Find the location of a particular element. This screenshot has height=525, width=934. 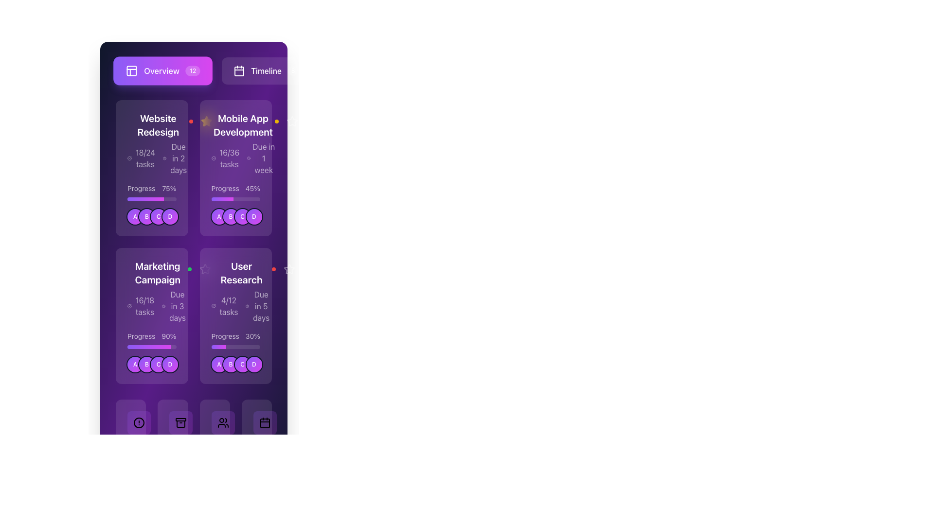

the progress bar element located in the 'Marketing Campaign' section, which is visually described as a horizontally elongated bar with a vibrant gradient from violet to fuchsia, indicating progress is located at coordinates (151, 346).